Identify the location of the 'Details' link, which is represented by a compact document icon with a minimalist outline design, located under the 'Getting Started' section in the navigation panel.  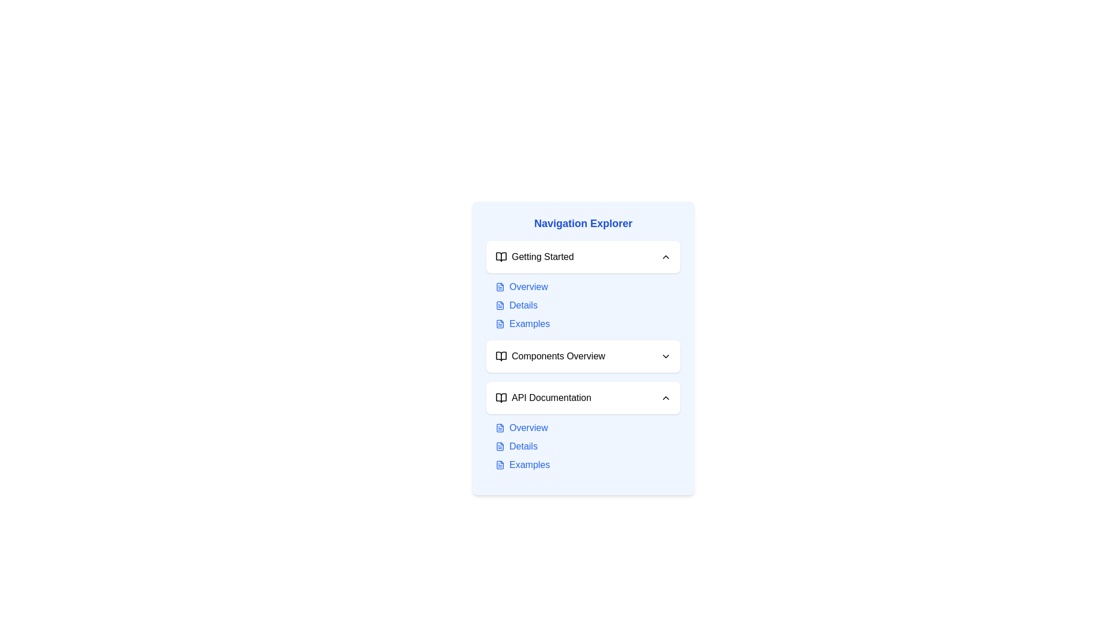
(500, 304).